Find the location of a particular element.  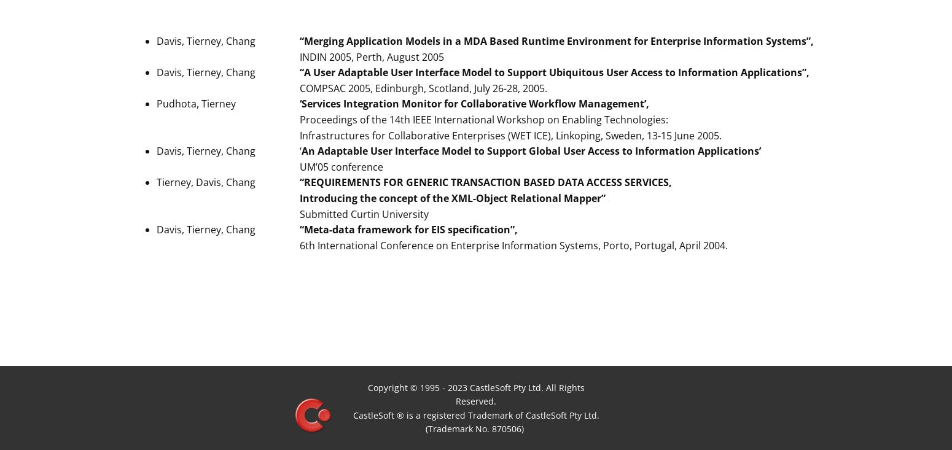

'Submitted Curtin University' is located at coordinates (365, 213).